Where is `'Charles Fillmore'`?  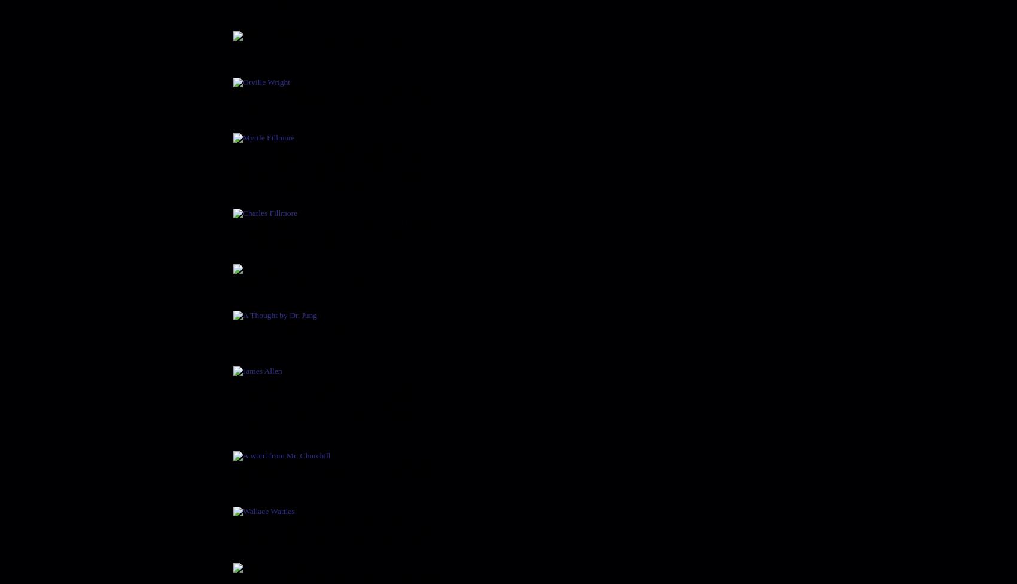 'Charles Fillmore' is located at coordinates (276, 198).